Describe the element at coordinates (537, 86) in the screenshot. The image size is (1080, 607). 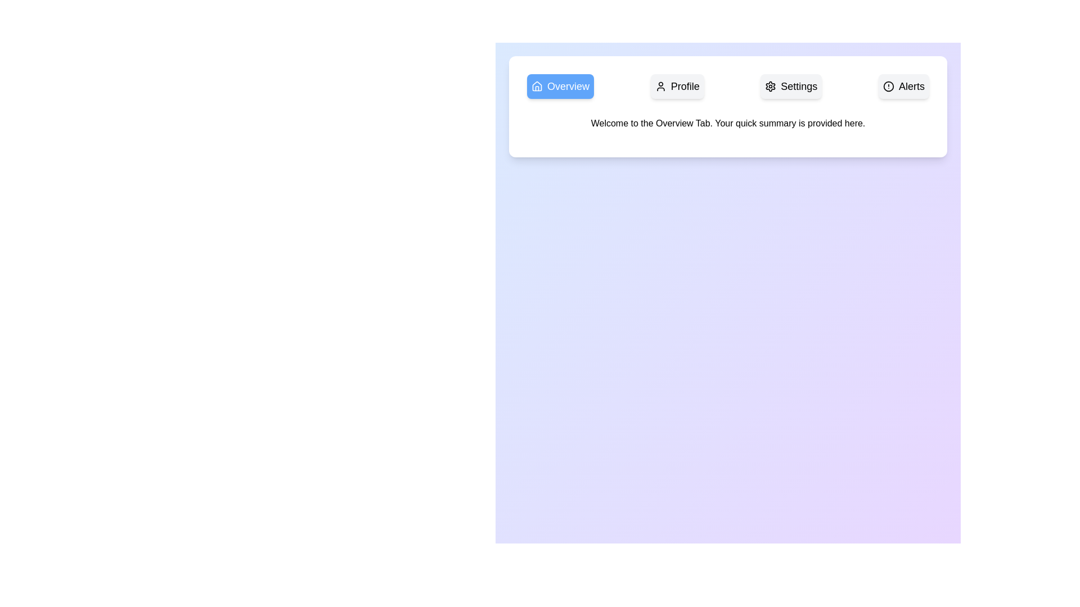
I see `the 'Overview' SVG icon located at the leftmost position within the 'Overview' button group in the header section` at that location.